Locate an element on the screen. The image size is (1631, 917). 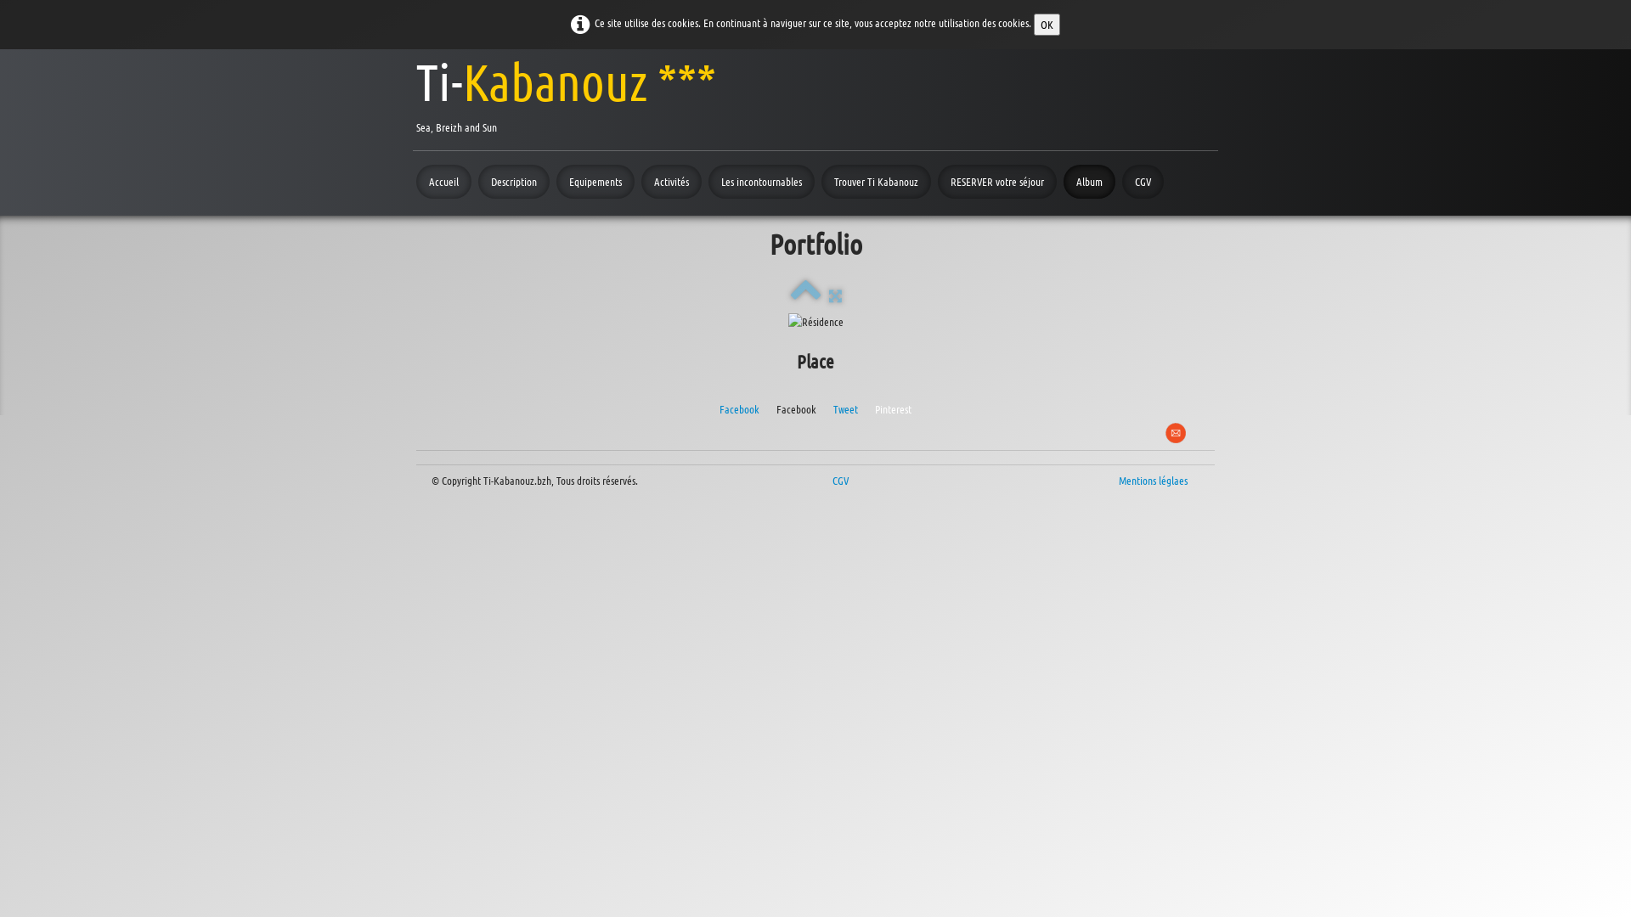
'OK' is located at coordinates (1033, 25).